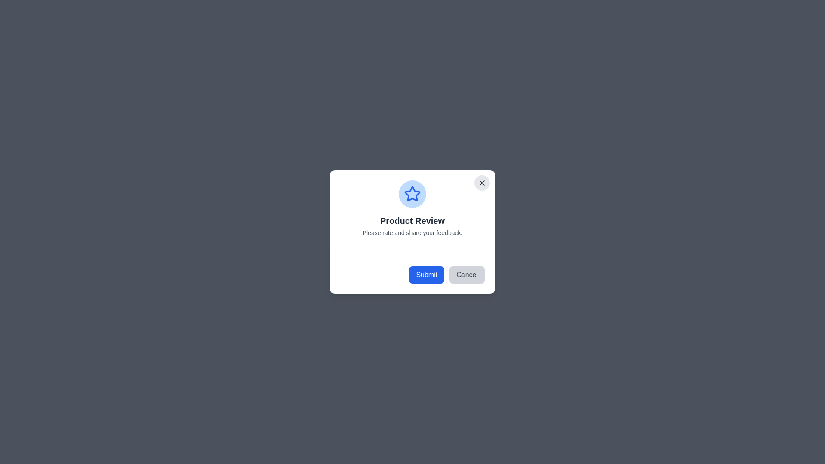  Describe the element at coordinates (482, 182) in the screenshot. I see `the Close button located in the upper-right corner of the modal dialog box` at that location.